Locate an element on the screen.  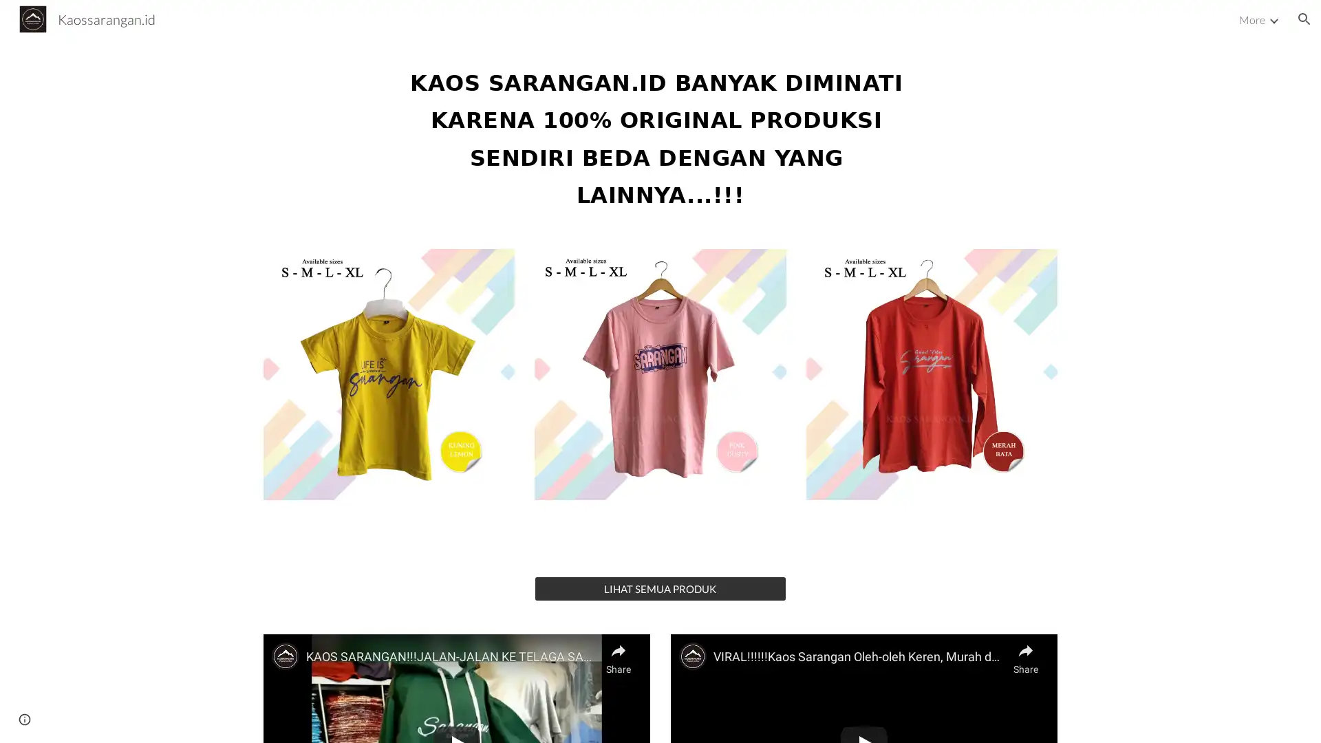
Skip to main content is located at coordinates (541, 25).